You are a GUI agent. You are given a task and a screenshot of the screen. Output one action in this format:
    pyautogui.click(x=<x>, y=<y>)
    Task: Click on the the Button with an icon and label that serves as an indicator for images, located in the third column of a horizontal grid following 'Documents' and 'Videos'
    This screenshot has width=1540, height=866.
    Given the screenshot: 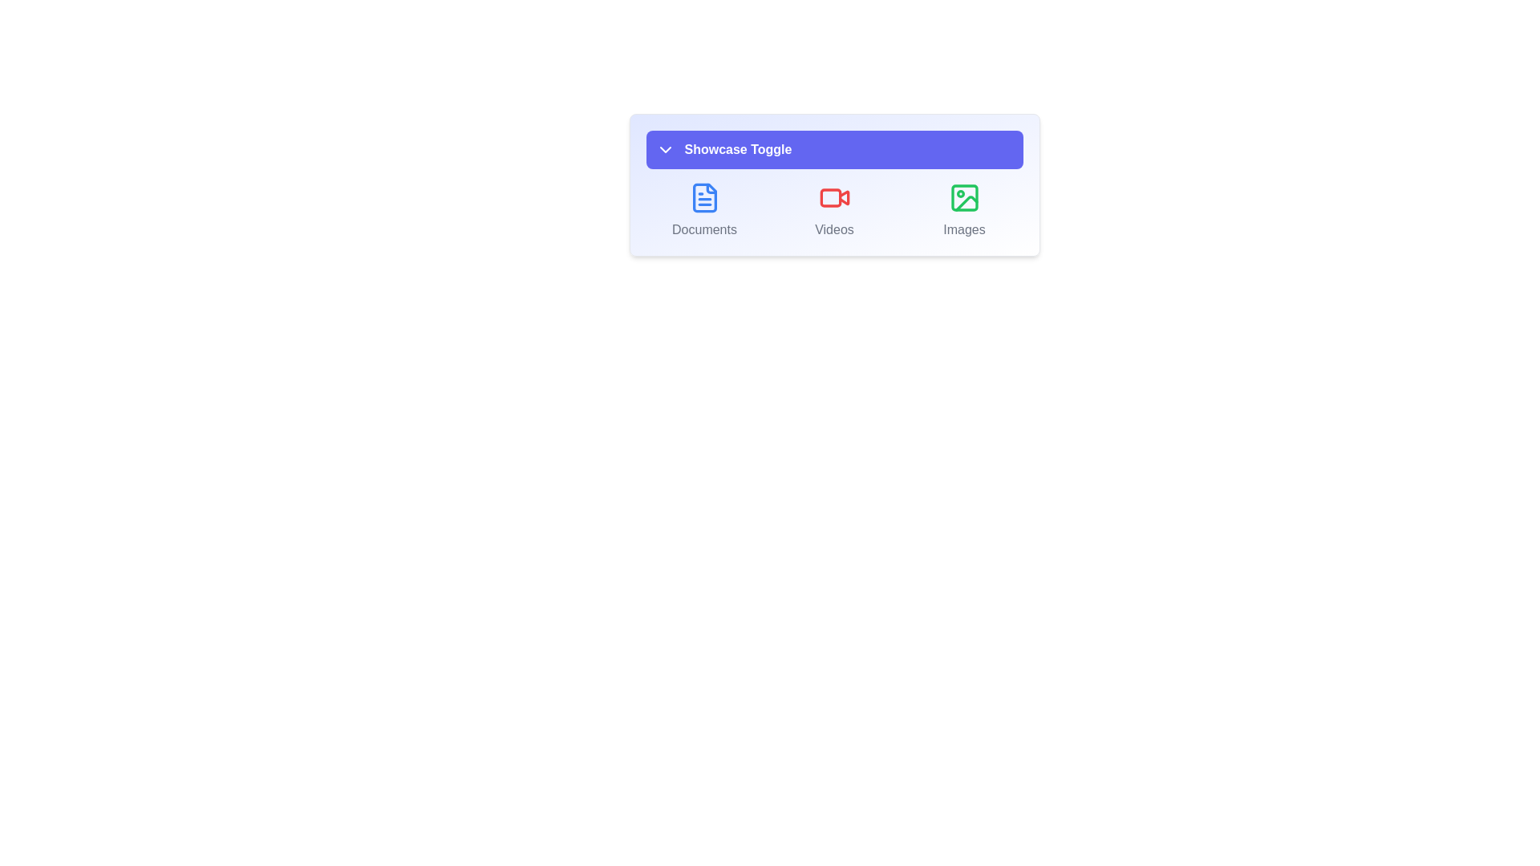 What is the action you would take?
    pyautogui.click(x=963, y=209)
    